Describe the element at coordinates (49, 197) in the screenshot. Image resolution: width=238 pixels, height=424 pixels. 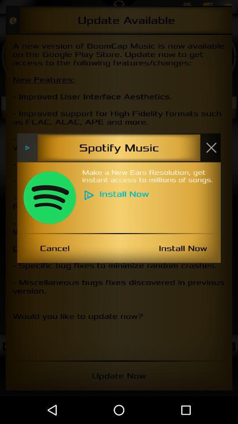
I see `spotify symbol` at that location.